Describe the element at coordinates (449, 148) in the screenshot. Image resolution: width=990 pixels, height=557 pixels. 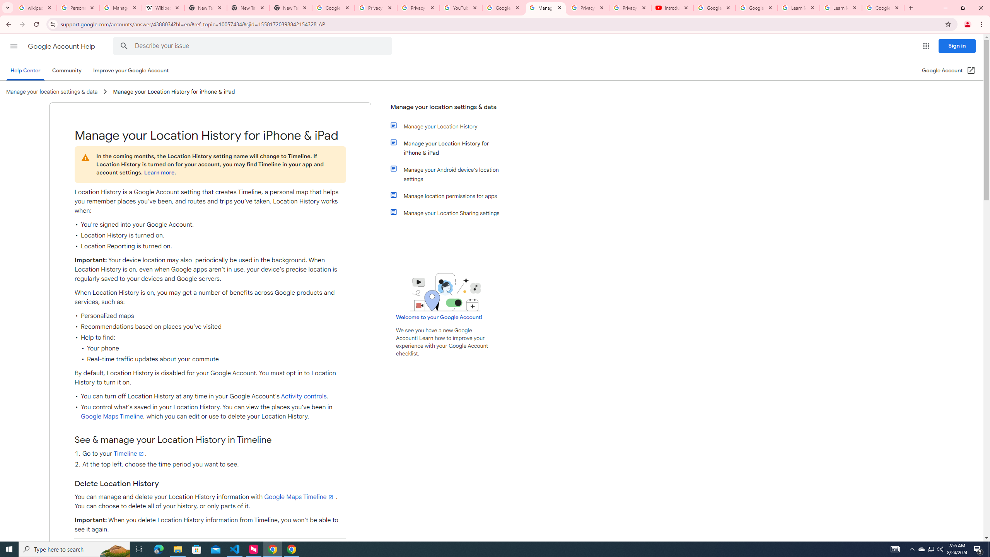
I see `'Manage your Location History for iPhone & iPad'` at that location.